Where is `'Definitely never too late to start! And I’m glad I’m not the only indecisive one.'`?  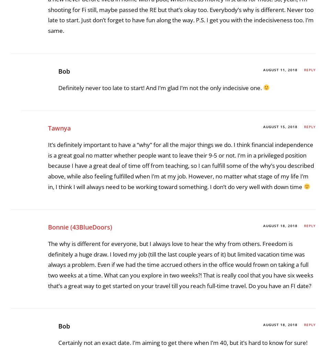 'Definitely never too late to start! And I’m glad I’m not the only indecisive one.' is located at coordinates (160, 280).